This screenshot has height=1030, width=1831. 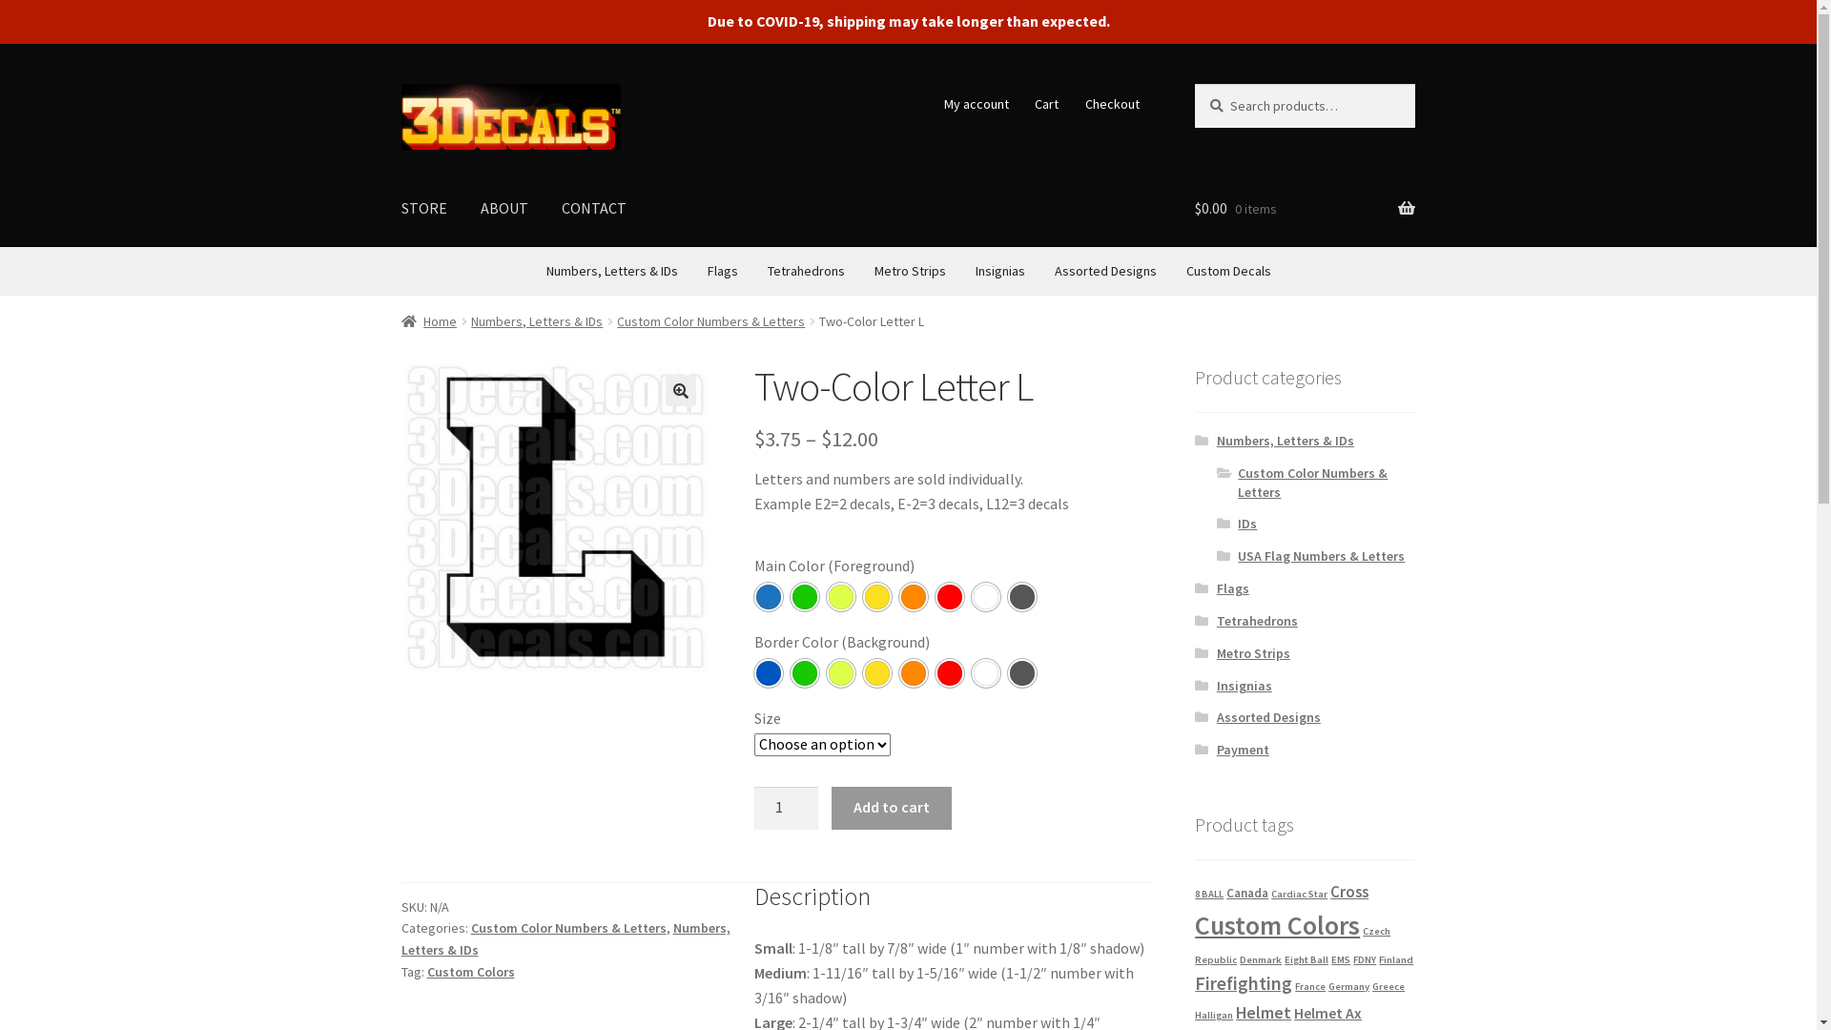 What do you see at coordinates (1193, 82) in the screenshot?
I see `'Search'` at bounding box center [1193, 82].